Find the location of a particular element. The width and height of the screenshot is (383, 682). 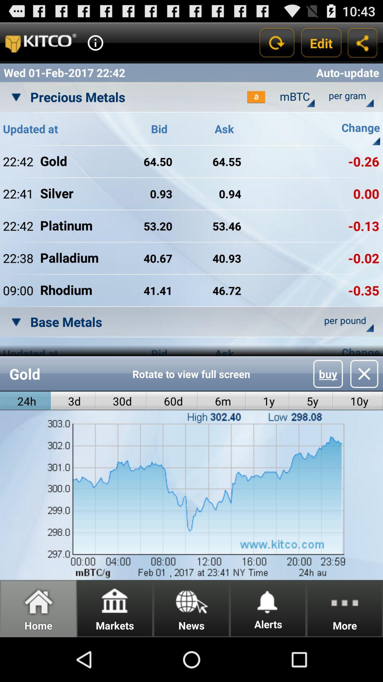

the item below rotate to view item is located at coordinates (172, 401).